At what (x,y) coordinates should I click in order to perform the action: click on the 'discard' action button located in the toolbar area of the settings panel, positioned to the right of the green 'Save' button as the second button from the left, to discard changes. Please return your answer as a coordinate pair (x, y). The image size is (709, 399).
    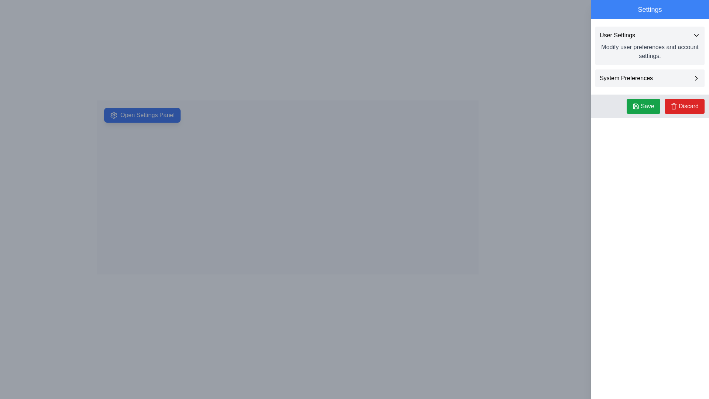
    Looking at the image, I should click on (688, 106).